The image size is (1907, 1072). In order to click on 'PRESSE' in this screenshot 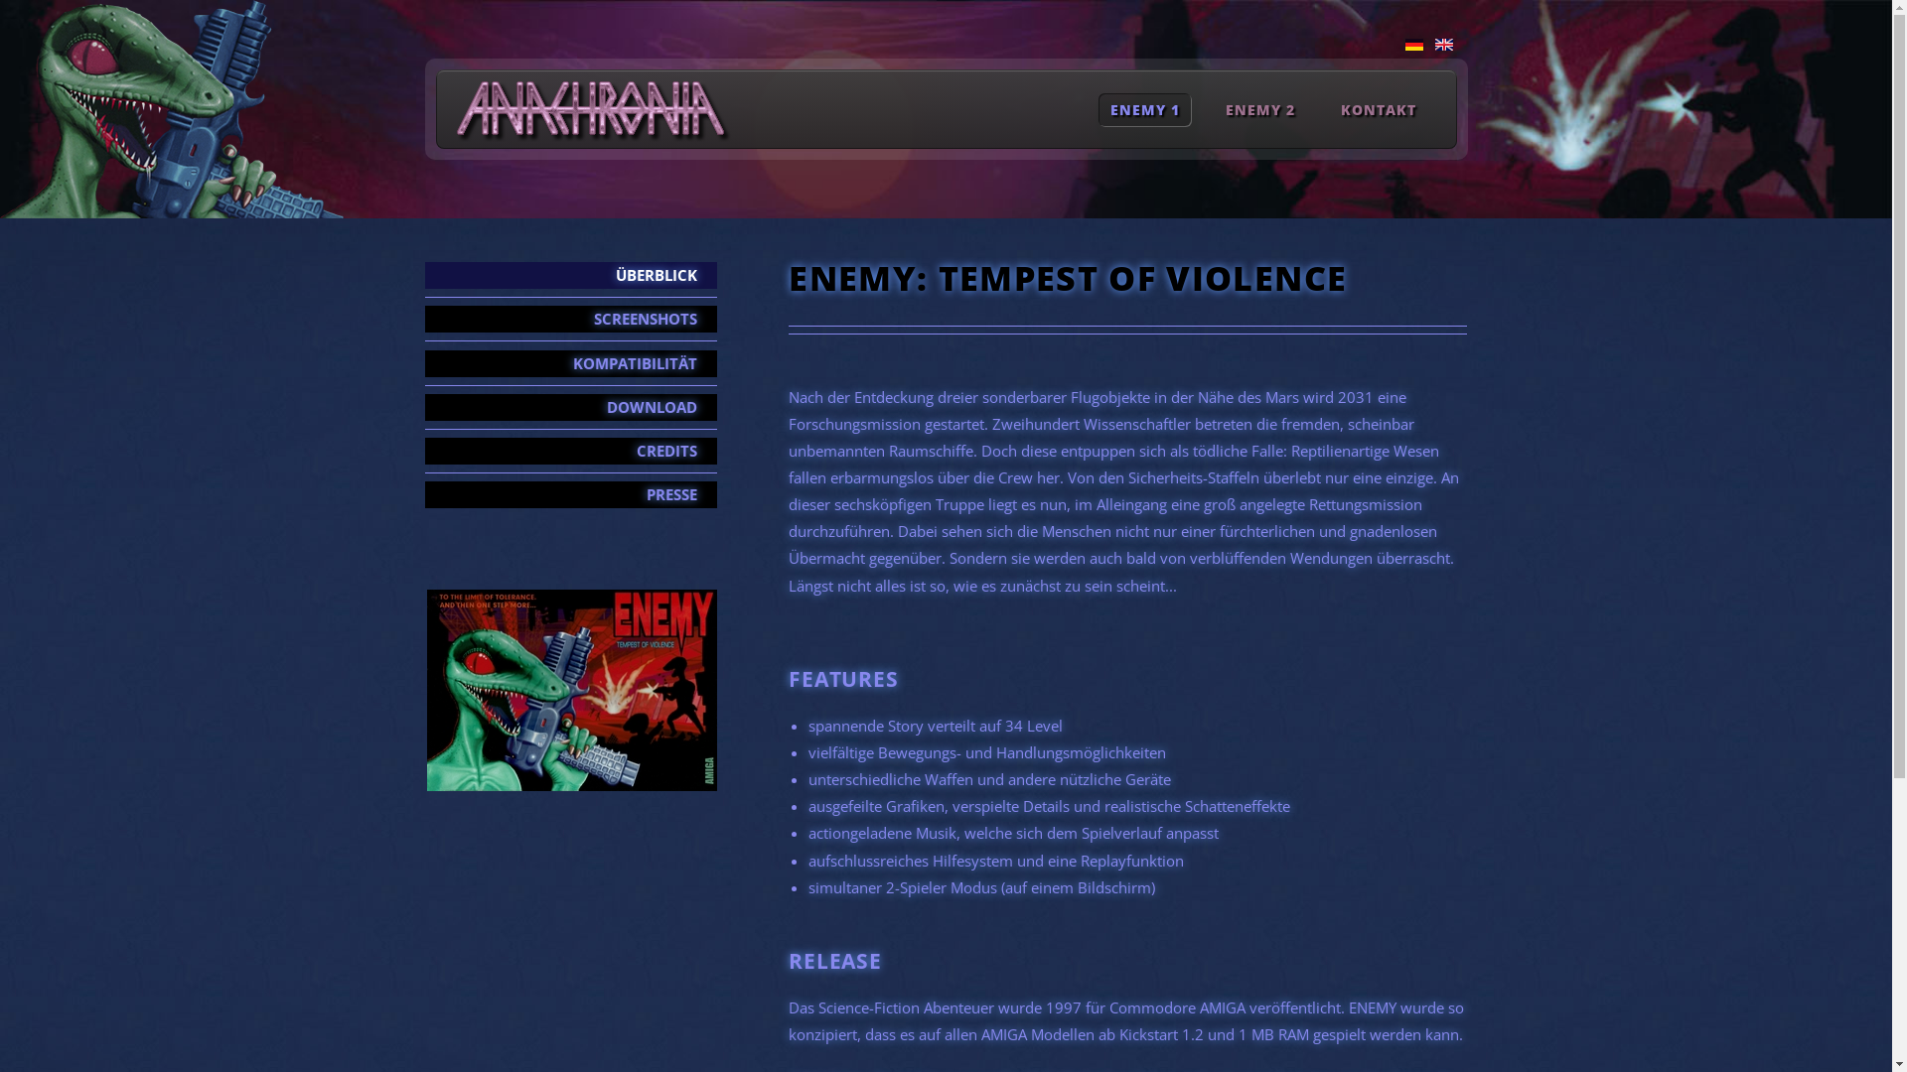, I will do `click(570, 493)`.